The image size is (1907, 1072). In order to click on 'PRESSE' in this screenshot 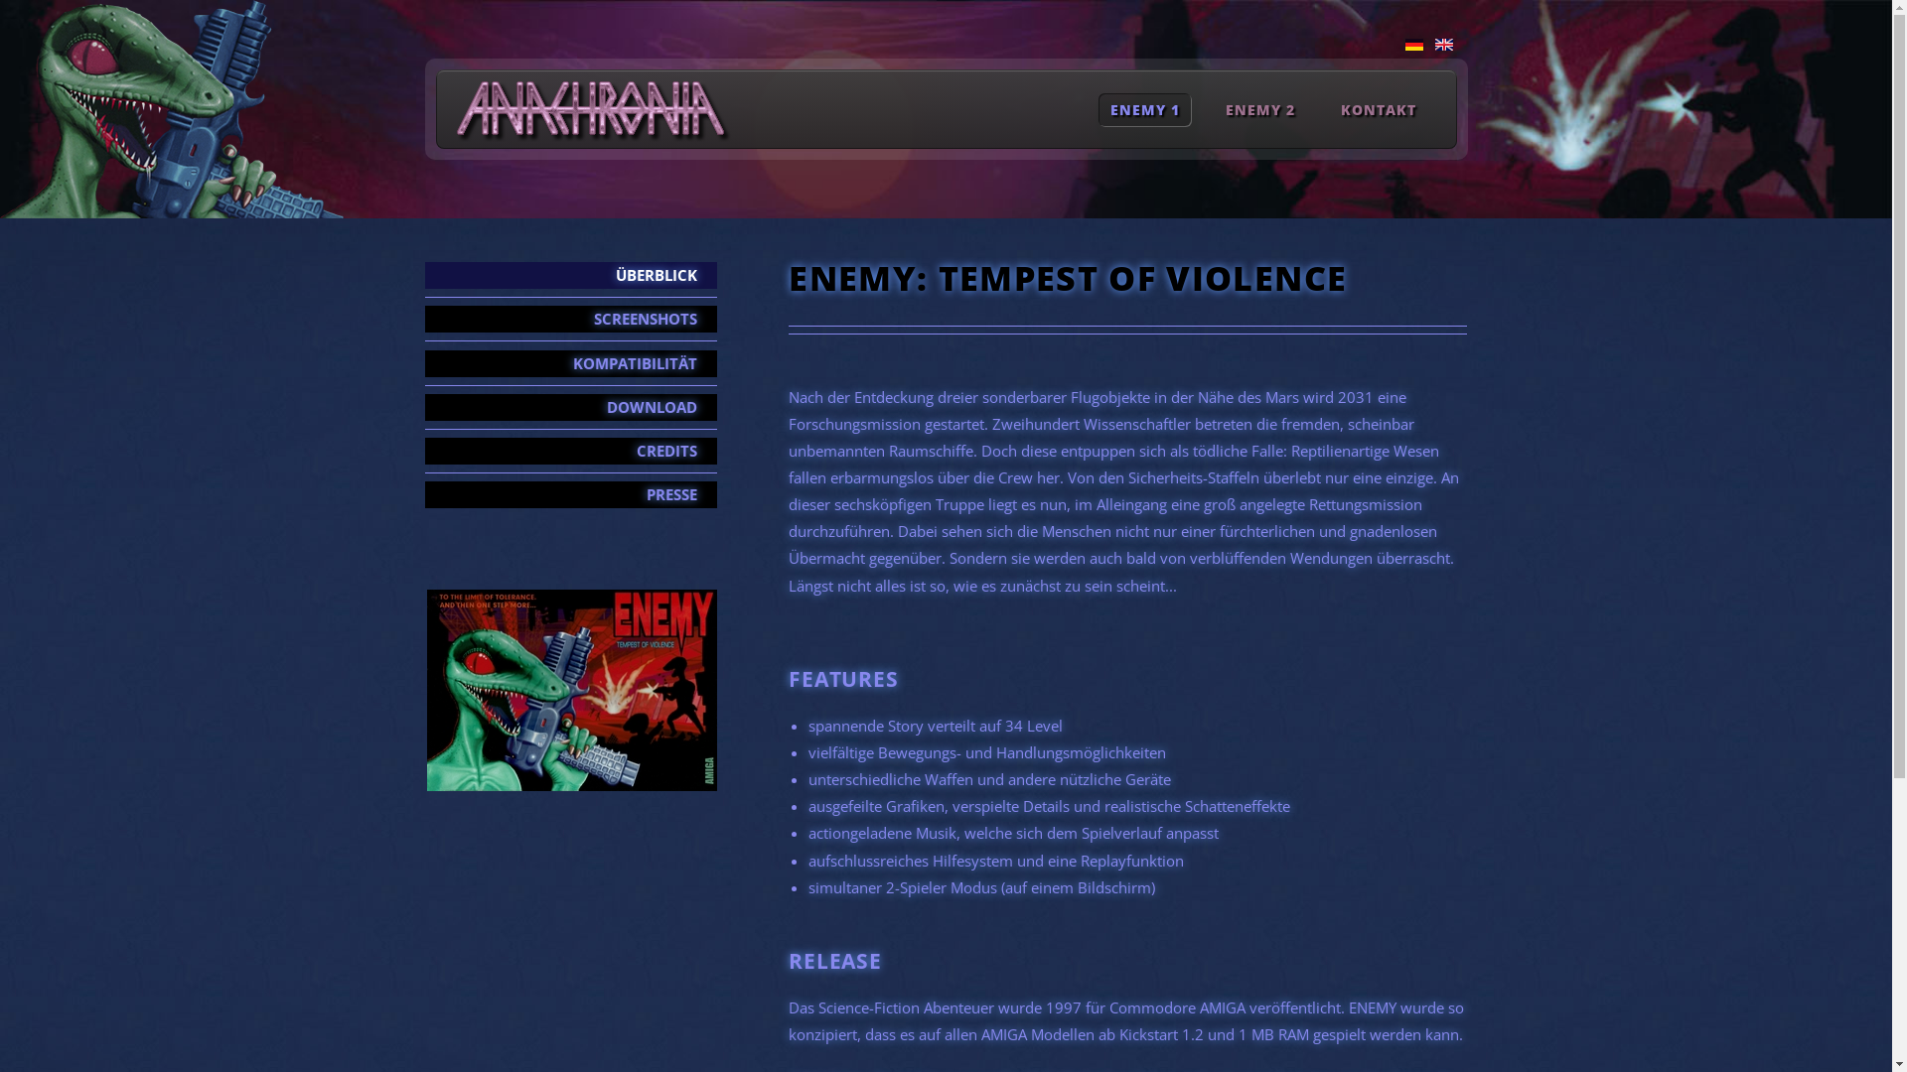, I will do `click(570, 493)`.